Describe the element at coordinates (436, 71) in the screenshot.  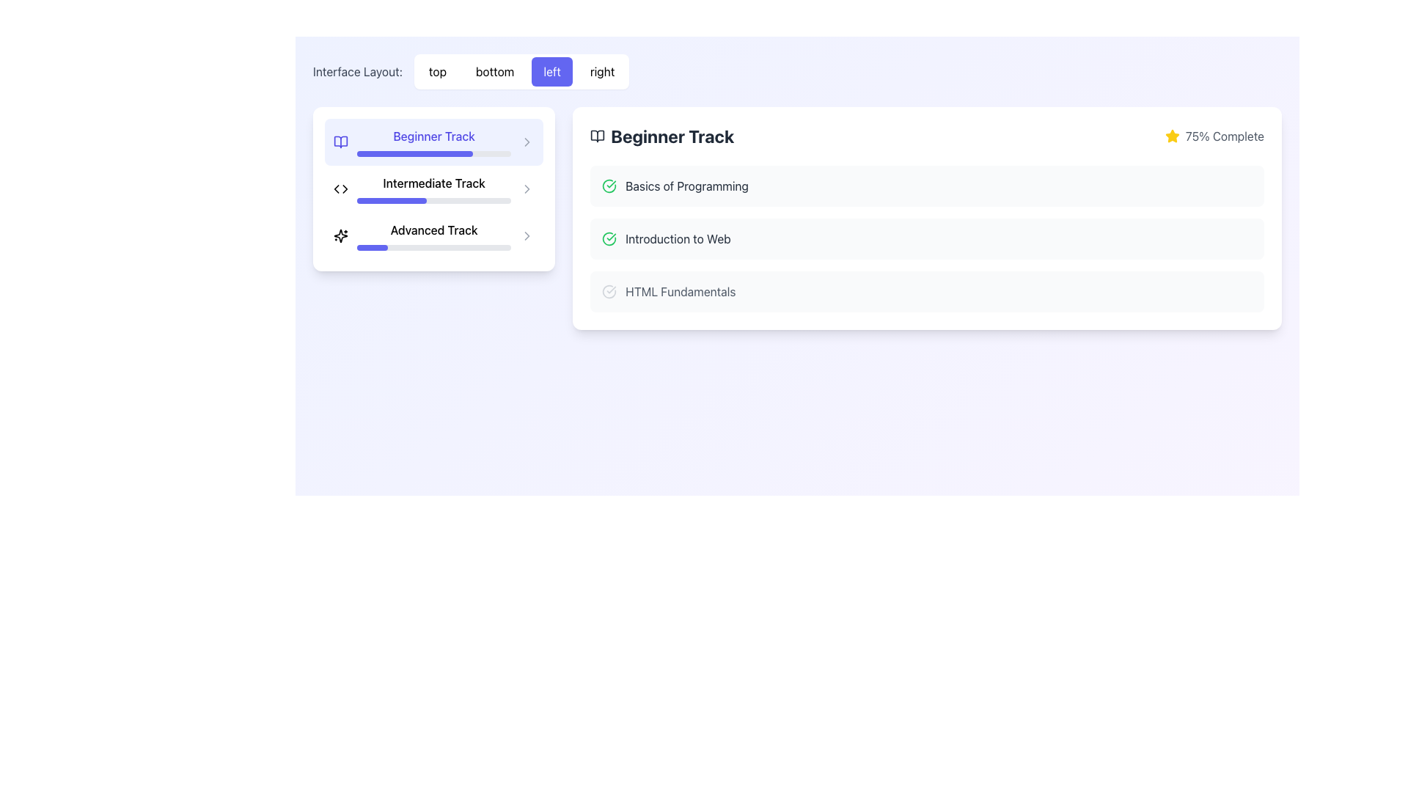
I see `the 'top' button` at that location.